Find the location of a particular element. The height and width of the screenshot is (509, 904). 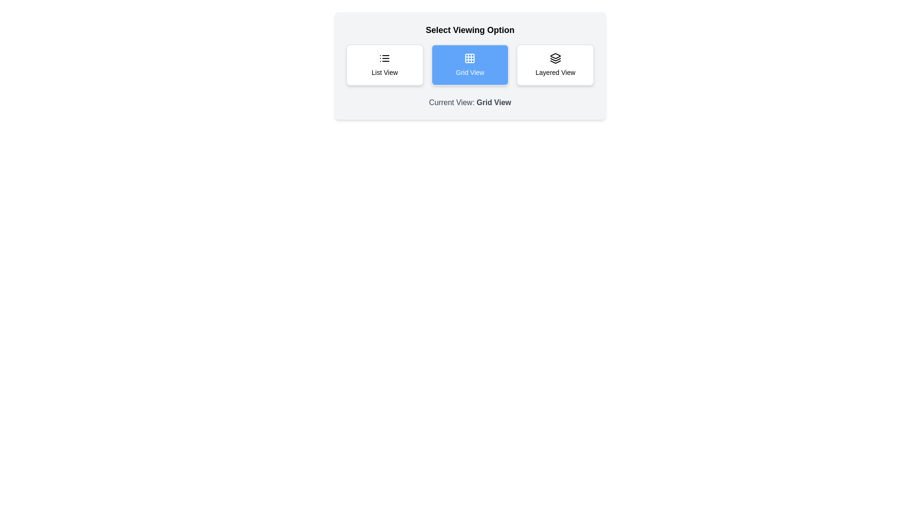

the 'Layered View' button, which is a rectangular button with rounded corners and a centered icon resembling stacked layers is located at coordinates (555, 65).